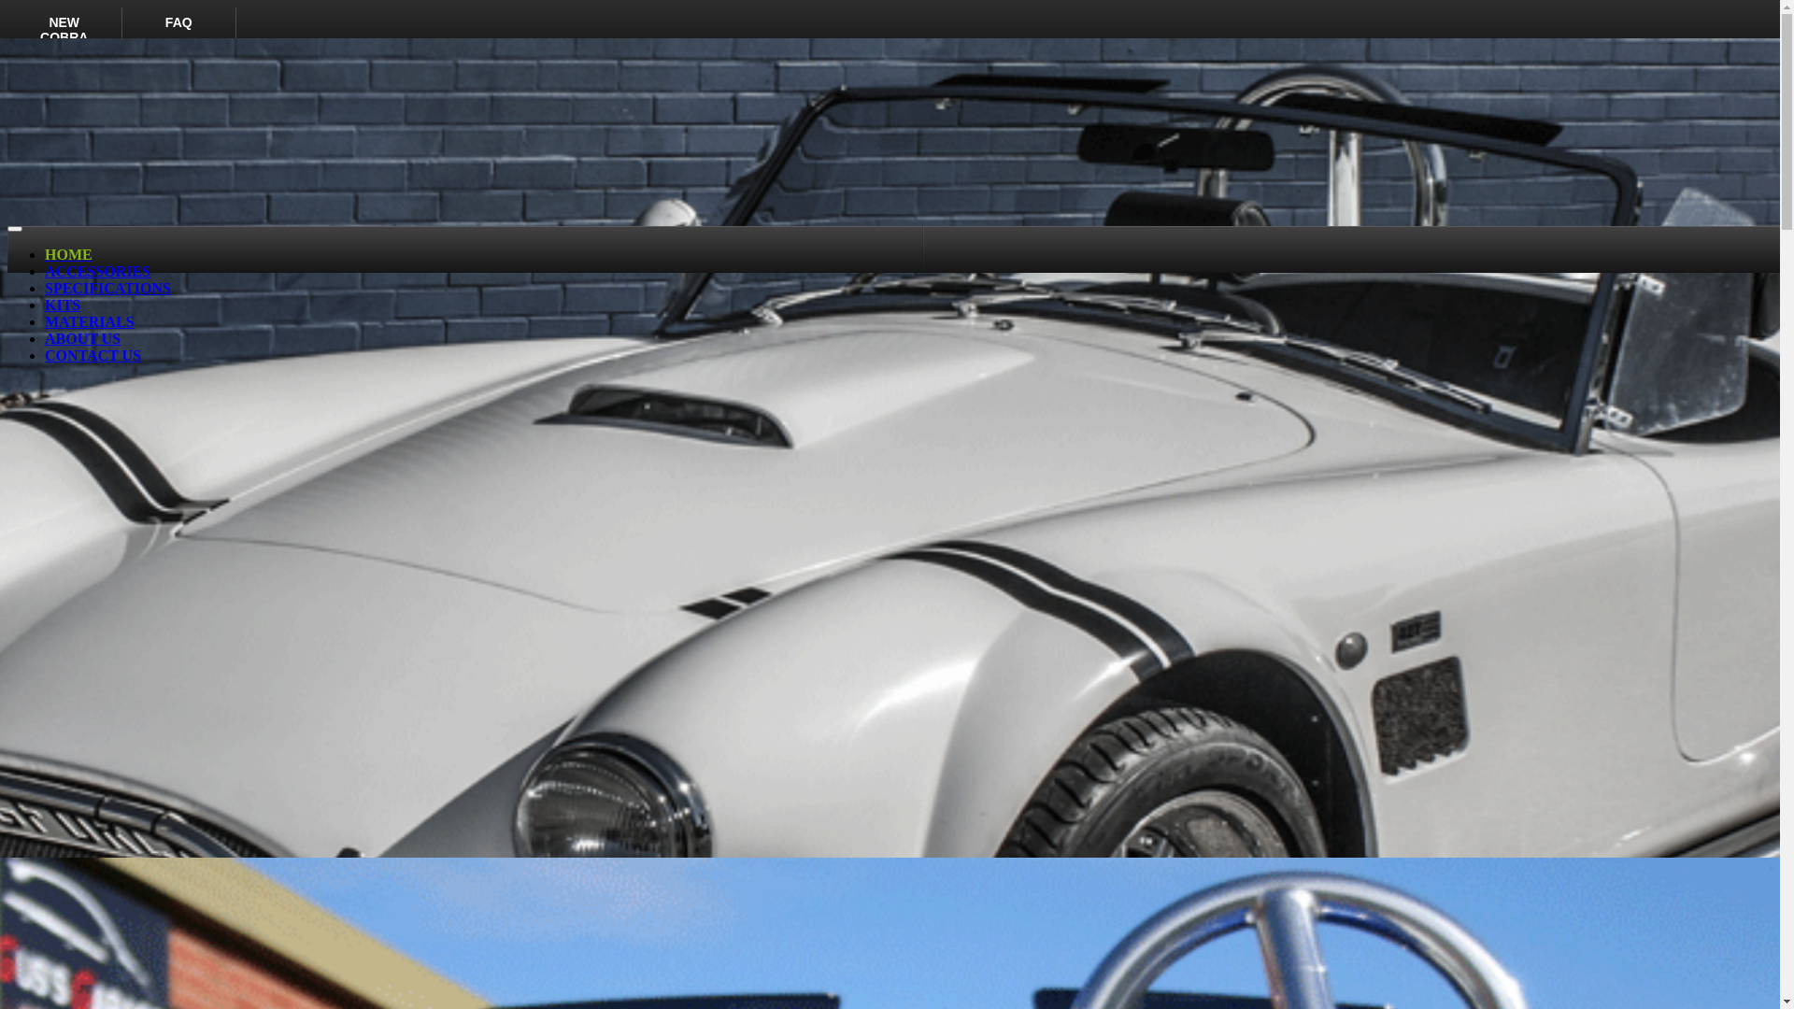 The width and height of the screenshot is (1794, 1009). I want to click on 'NEW COBRA', so click(64, 32).